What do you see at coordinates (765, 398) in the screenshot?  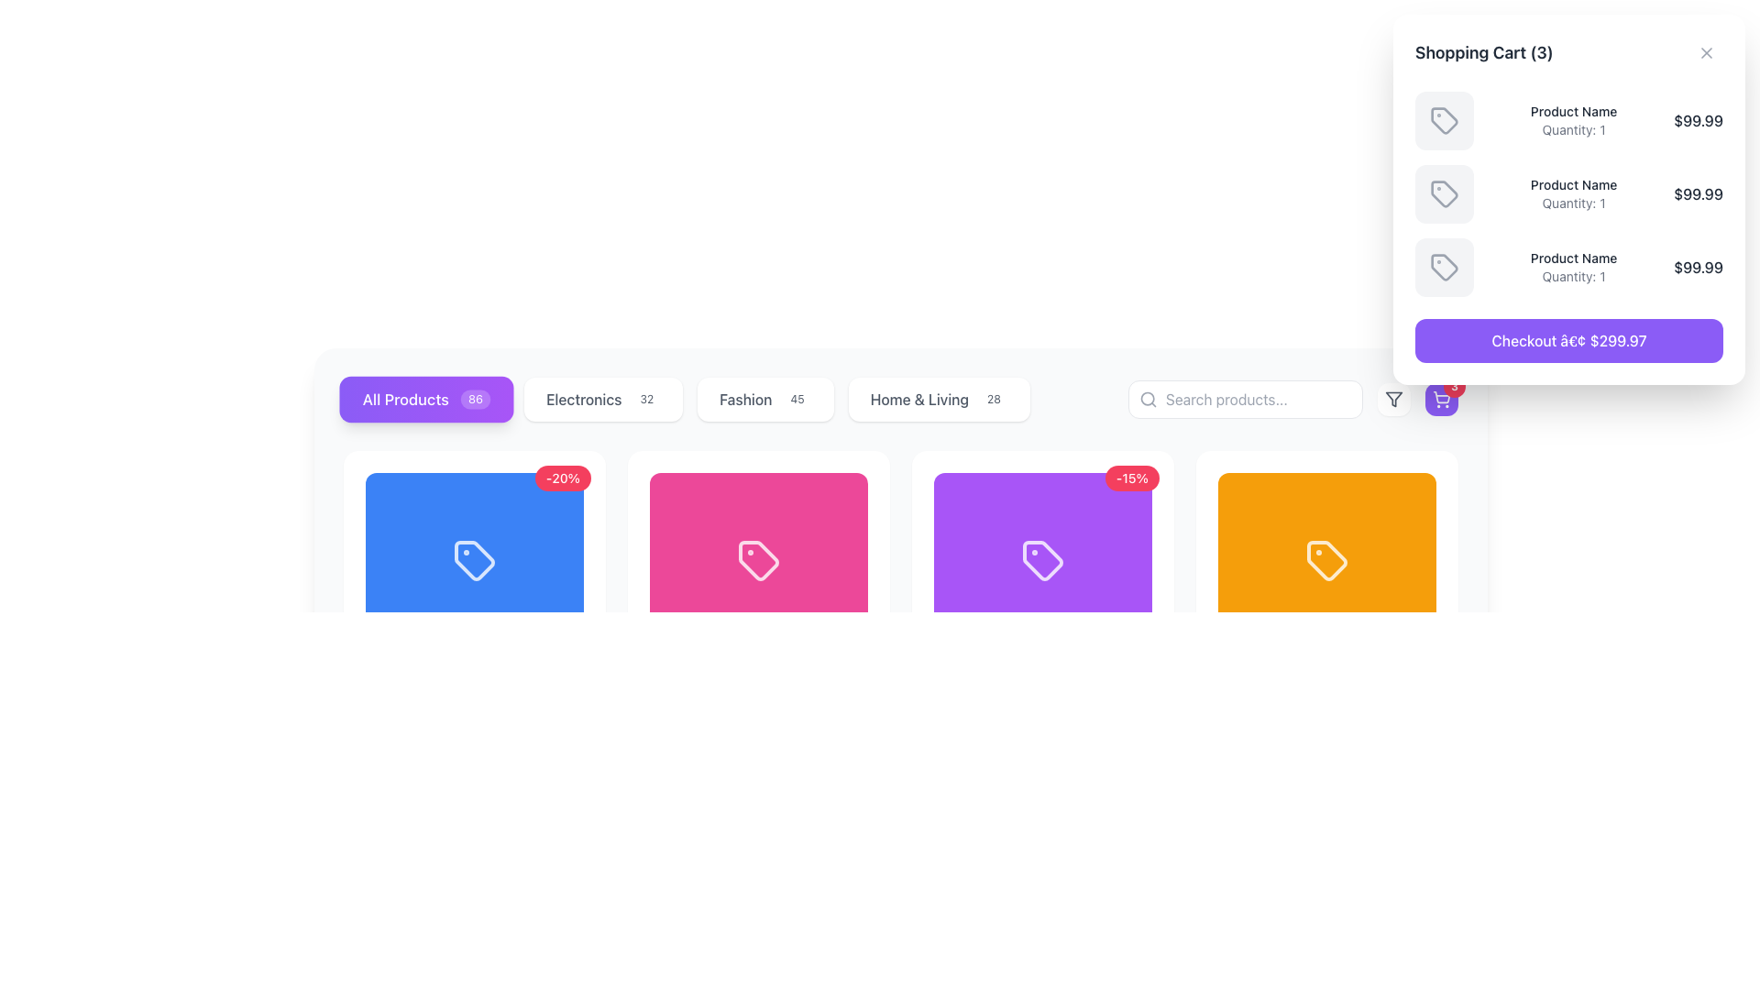 I see `the 'Fashion' button, which is a rectangular button with rounded corners and contains the text 'Fashion 45'` at bounding box center [765, 398].